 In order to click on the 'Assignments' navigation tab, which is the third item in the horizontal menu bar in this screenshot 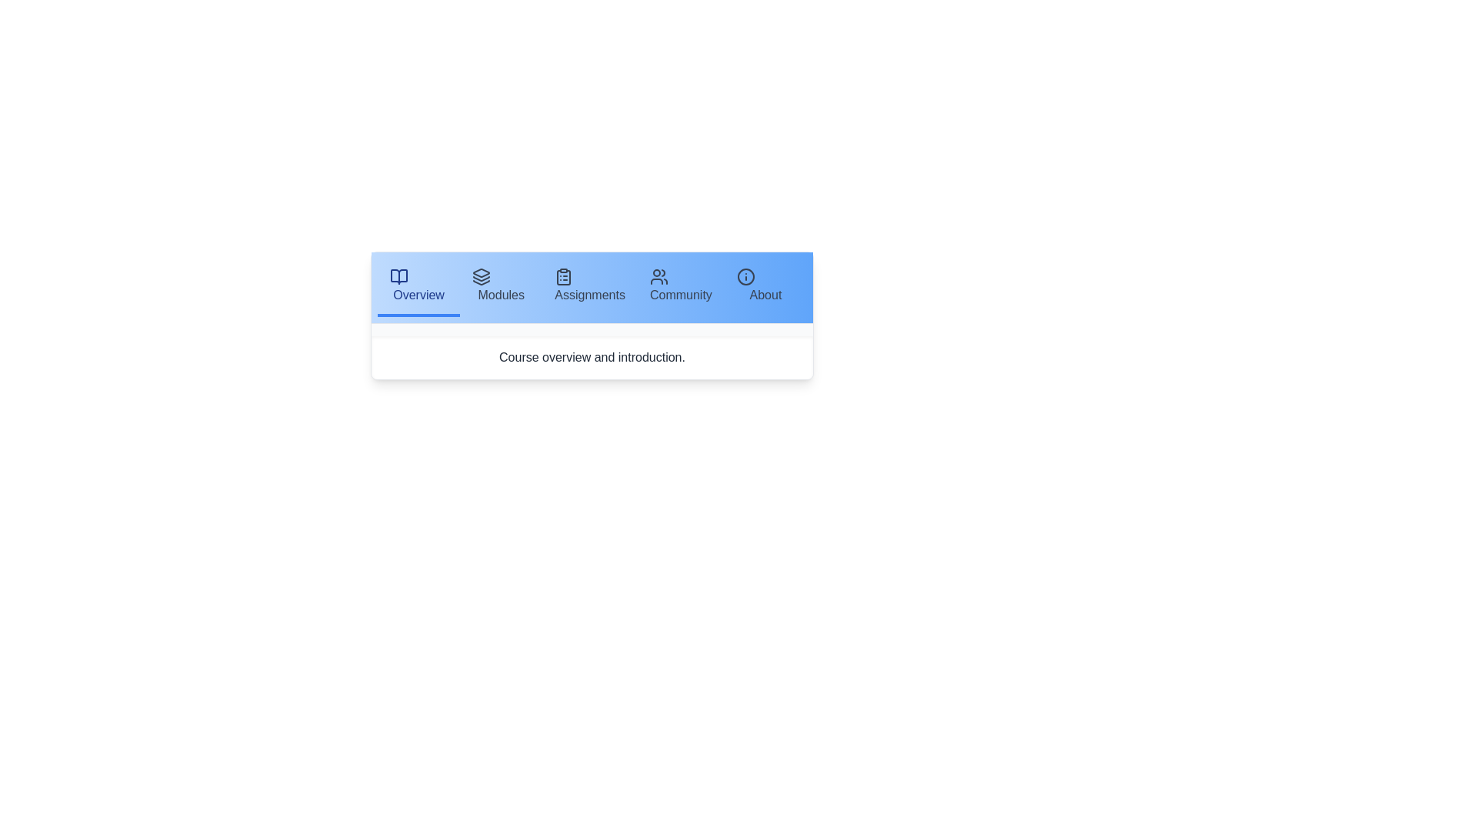, I will do `click(589, 288)`.